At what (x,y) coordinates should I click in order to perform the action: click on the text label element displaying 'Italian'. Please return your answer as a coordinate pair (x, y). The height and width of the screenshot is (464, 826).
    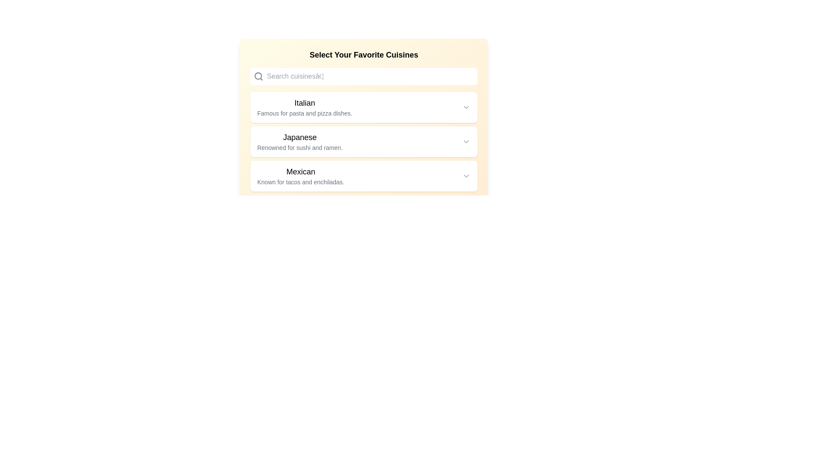
    Looking at the image, I should click on (305, 107).